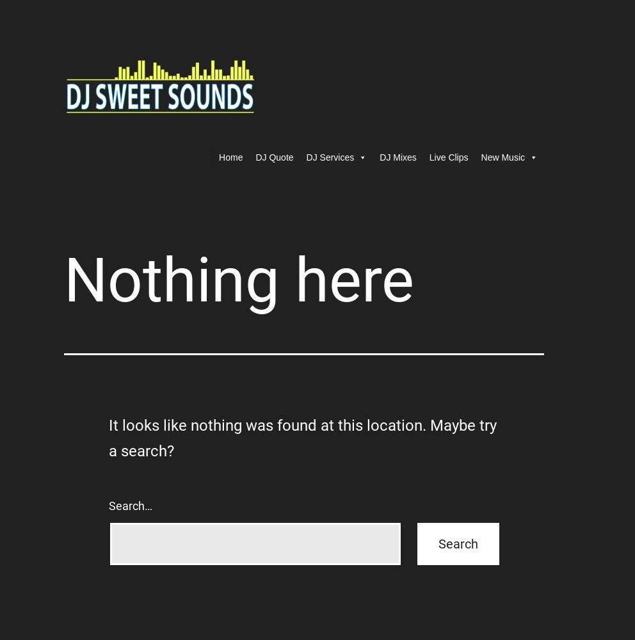 The image size is (635, 640). What do you see at coordinates (306, 188) in the screenshot?
I see `'Event Add-ons'` at bounding box center [306, 188].